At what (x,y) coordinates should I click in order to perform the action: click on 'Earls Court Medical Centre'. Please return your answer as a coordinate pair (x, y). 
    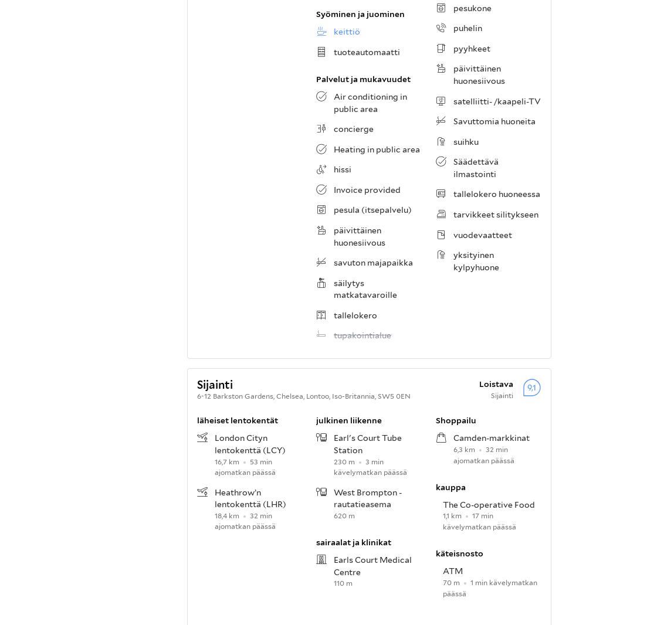
    Looking at the image, I should click on (372, 566).